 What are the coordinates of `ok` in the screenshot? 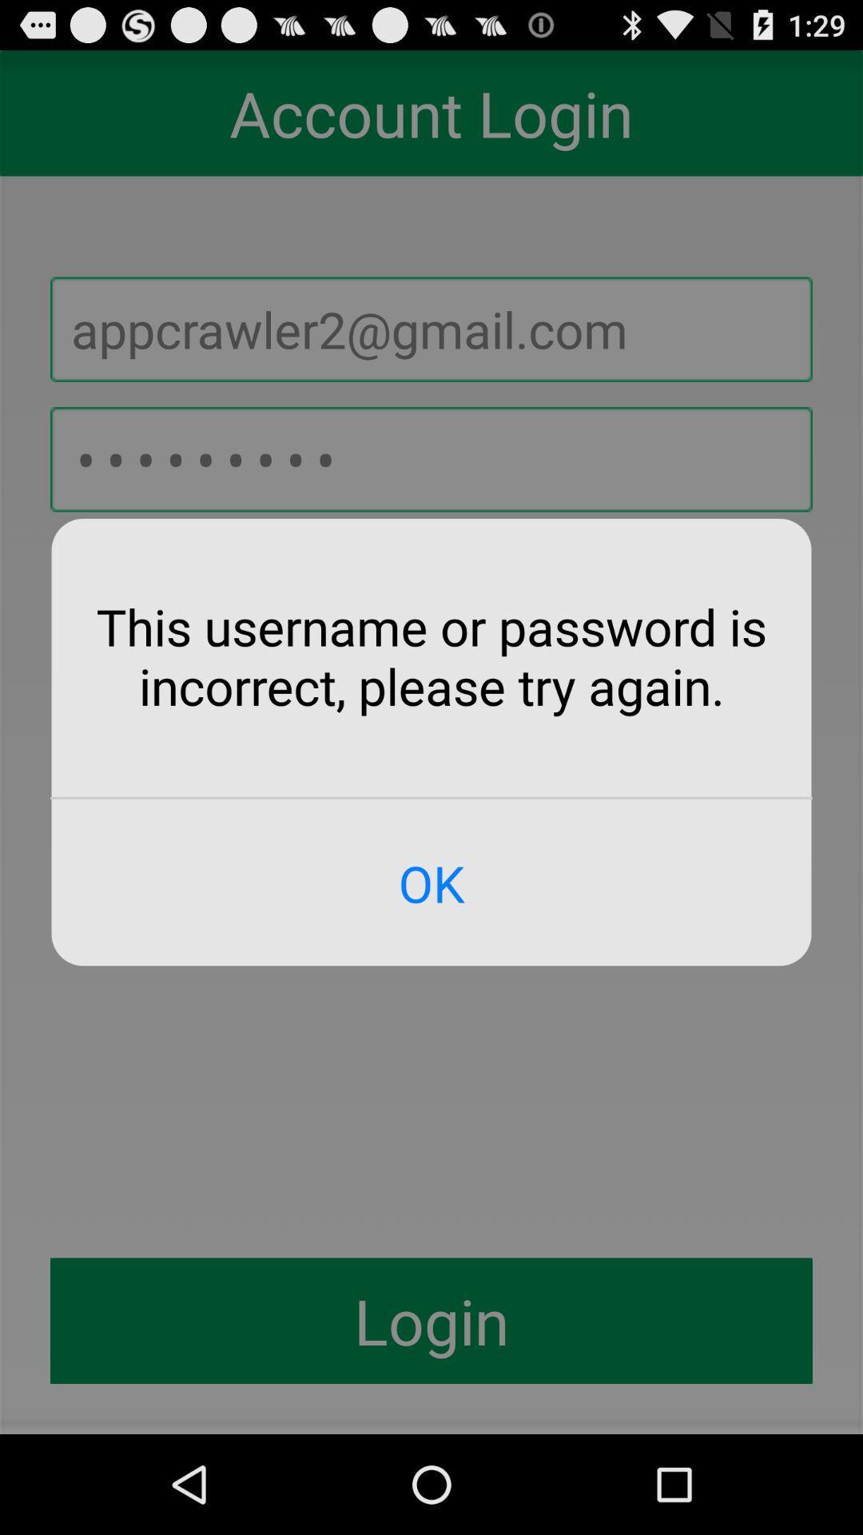 It's located at (431, 882).